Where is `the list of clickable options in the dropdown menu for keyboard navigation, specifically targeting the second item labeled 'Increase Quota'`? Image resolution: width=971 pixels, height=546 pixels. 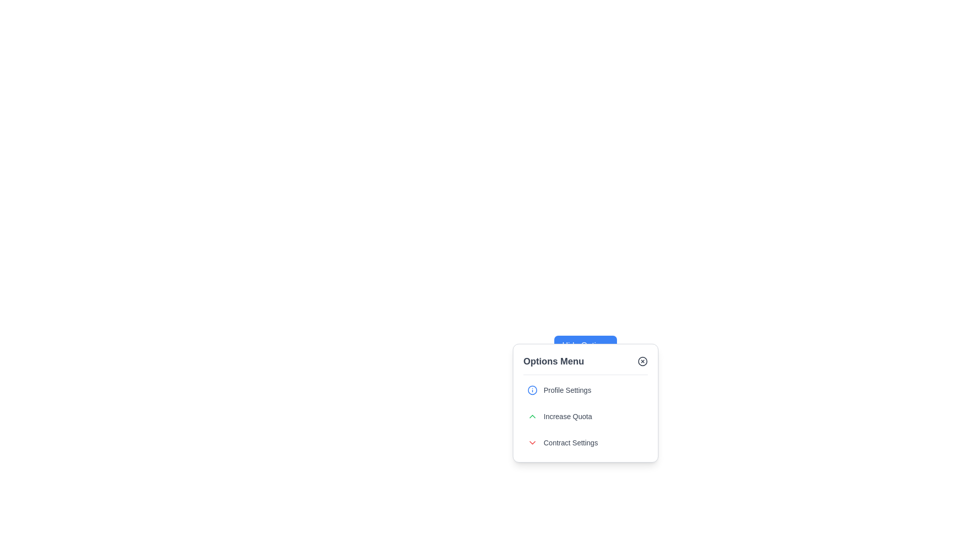 the list of clickable options in the dropdown menu for keyboard navigation, specifically targeting the second item labeled 'Increase Quota' is located at coordinates (585, 417).